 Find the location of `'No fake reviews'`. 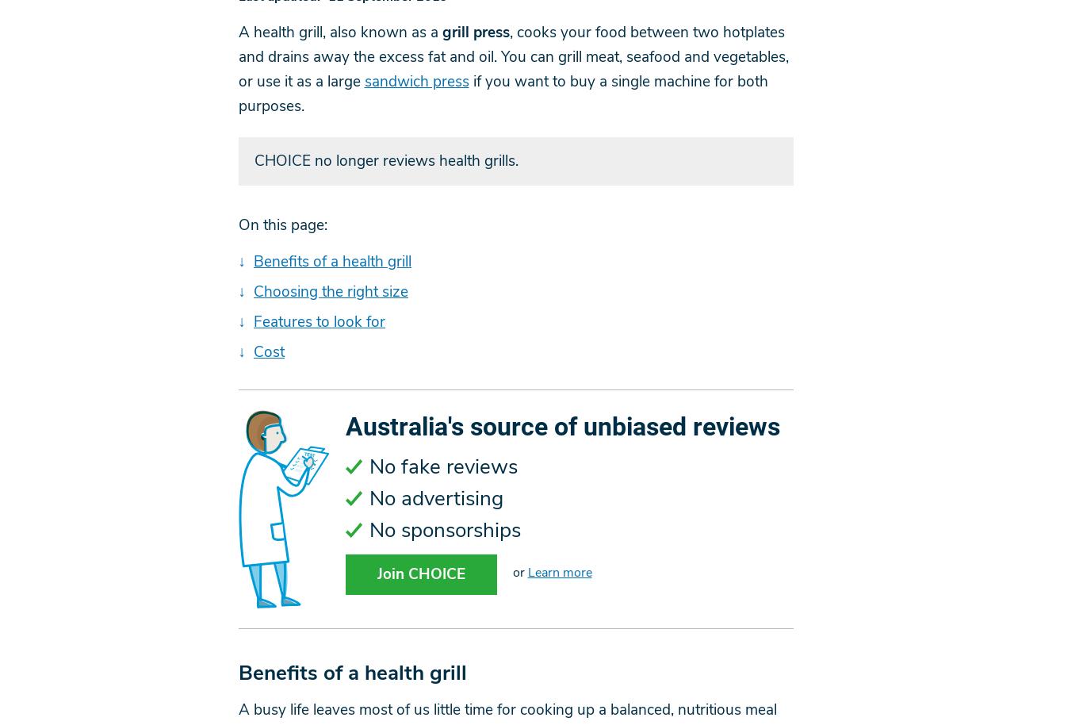

'No fake reviews' is located at coordinates (442, 466).